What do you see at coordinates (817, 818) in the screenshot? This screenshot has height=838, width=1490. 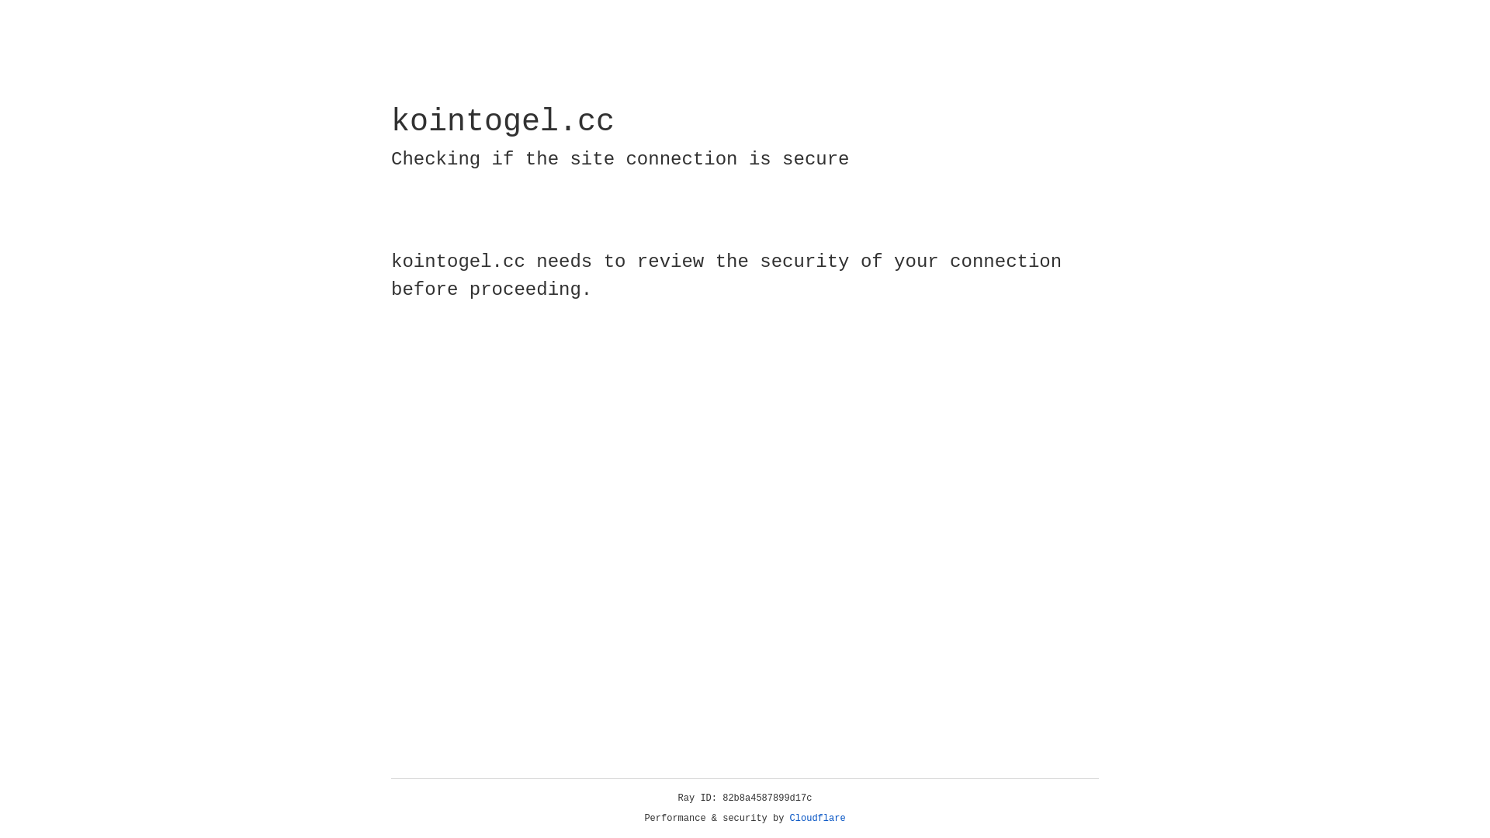 I see `'Cloudflare'` at bounding box center [817, 818].